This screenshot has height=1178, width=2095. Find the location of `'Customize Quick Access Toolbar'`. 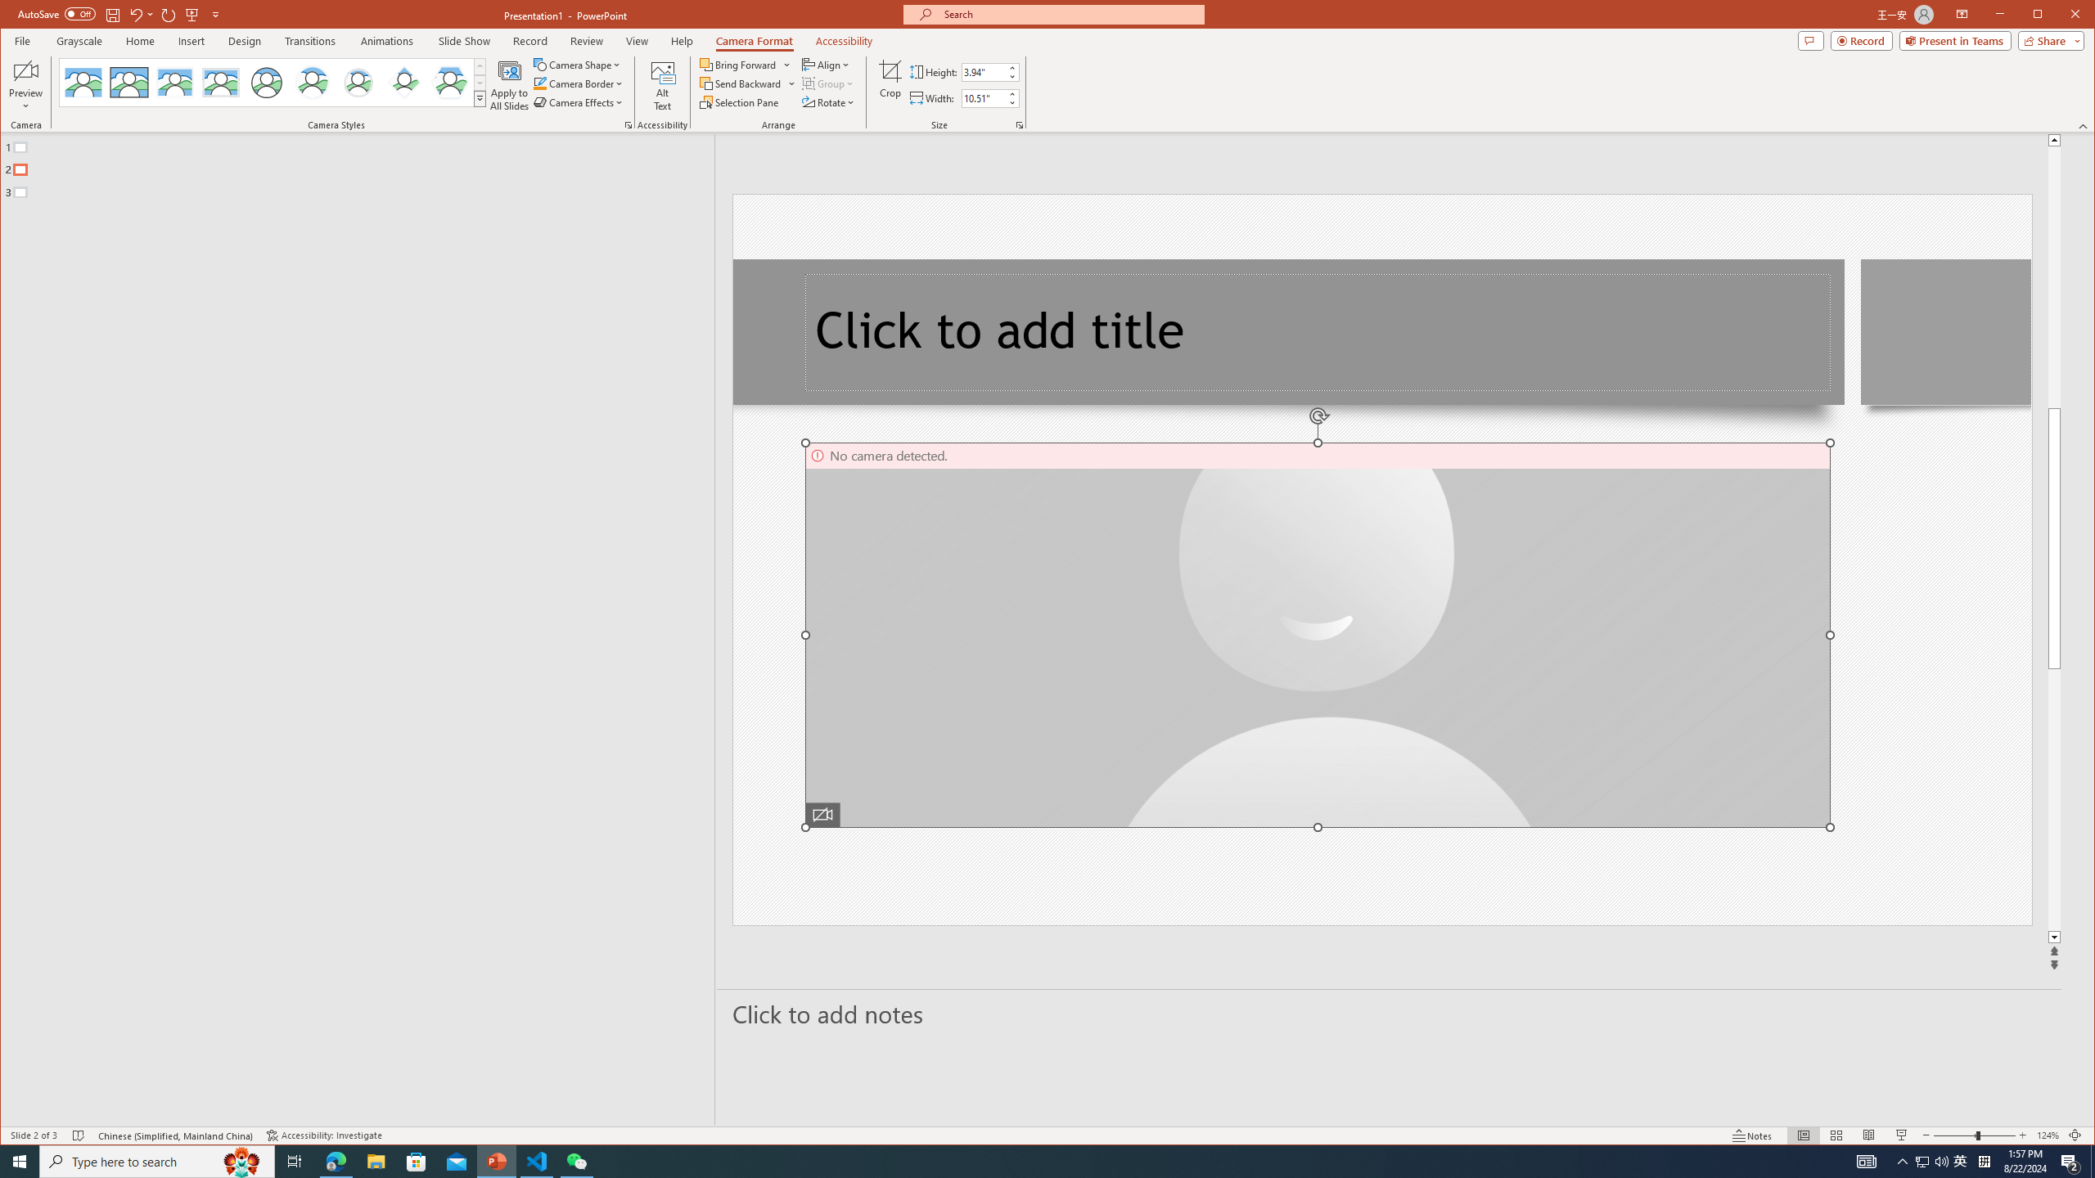

'Customize Quick Access Toolbar' is located at coordinates (216, 13).